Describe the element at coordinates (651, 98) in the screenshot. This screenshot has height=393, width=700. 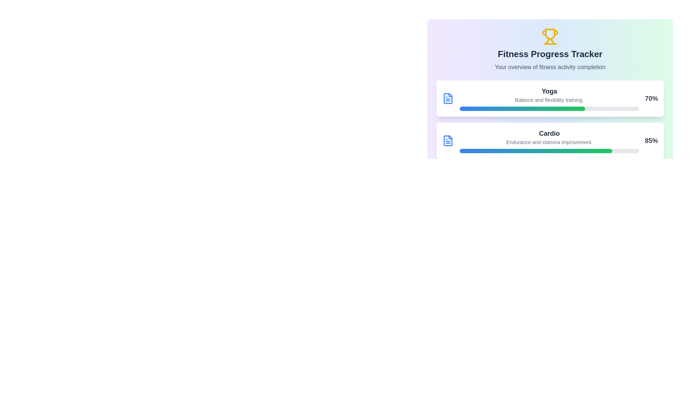
I see `the bold text labeled '70%' that indicates the completion percentage of the Yoga task, located to the right of the progress bar` at that location.